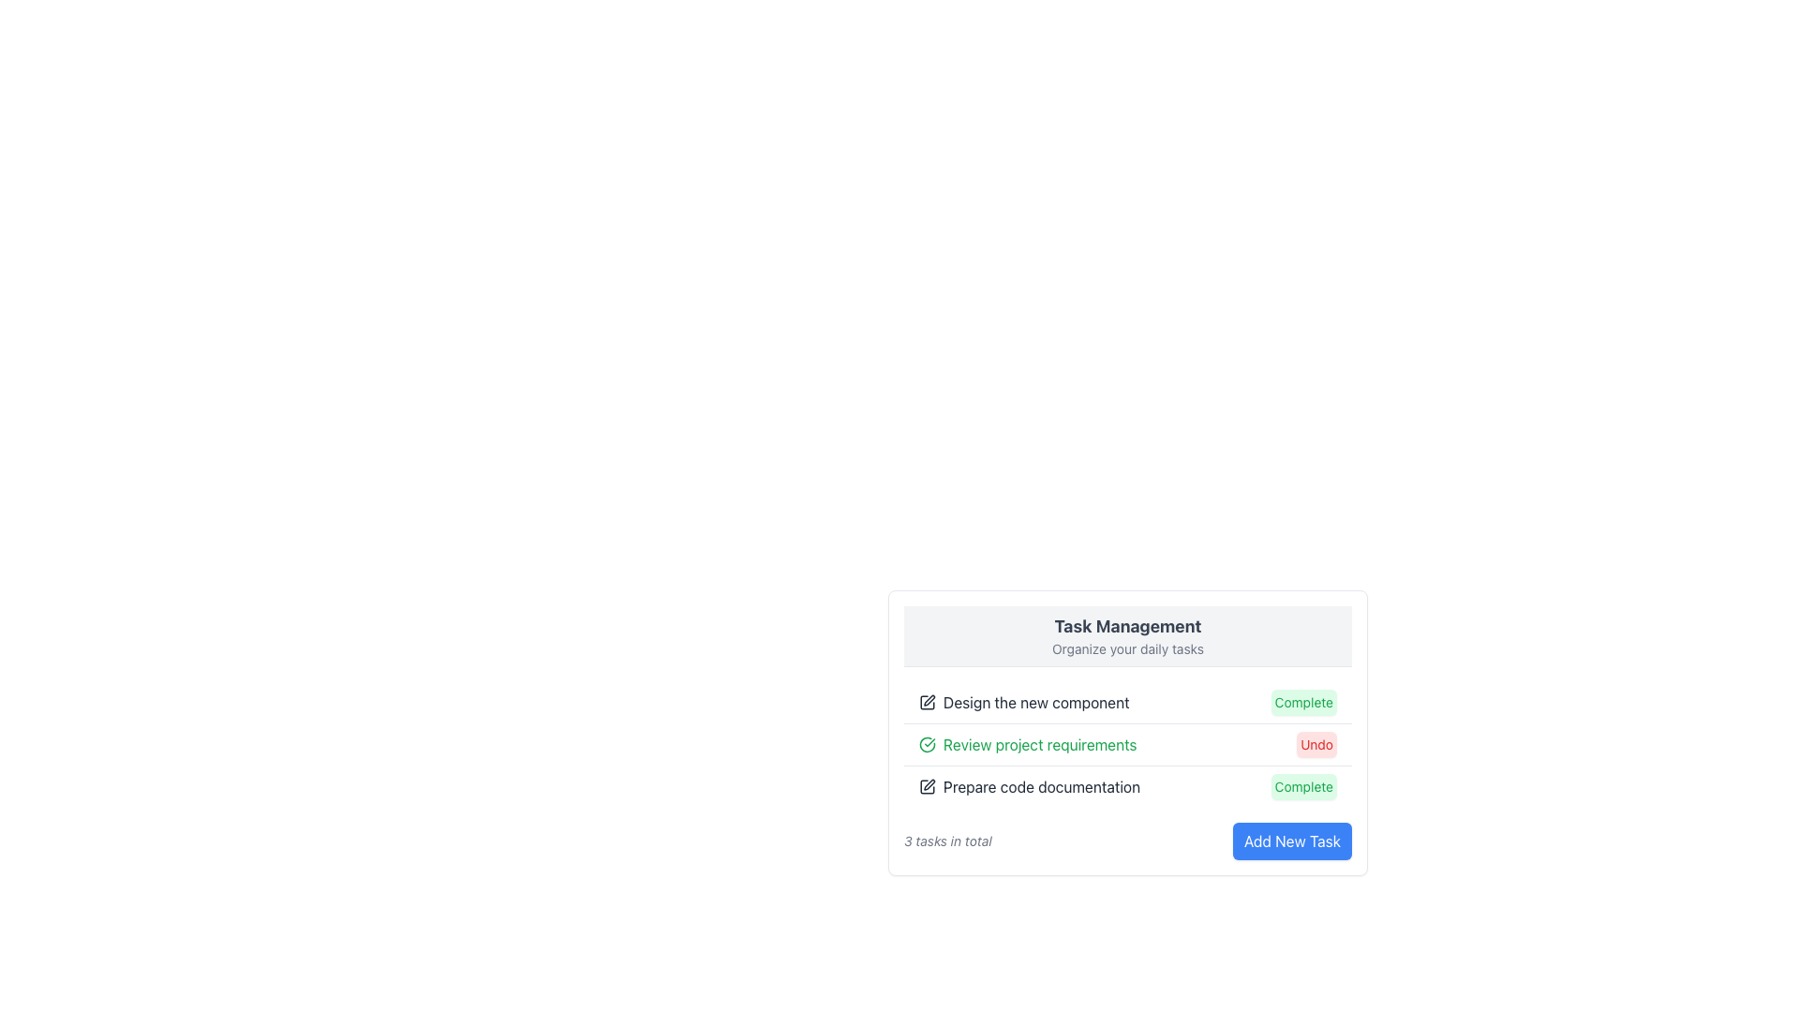 This screenshot has width=1799, height=1012. I want to click on the 'Add New Task' button, which is a rectangular button with rounded corners and a bright blue background, located in the bottom-right area of the task management interface, so click(1291, 841).